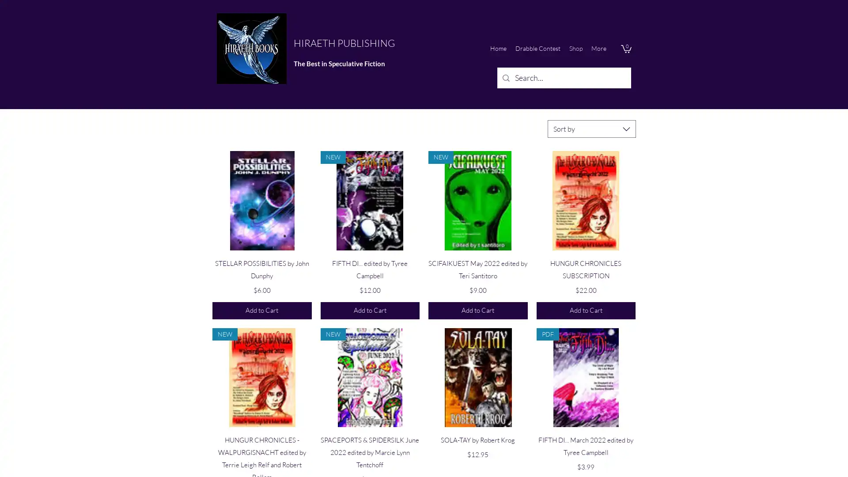 The image size is (848, 477). Describe the element at coordinates (586, 310) in the screenshot. I see `Add to Cart` at that location.